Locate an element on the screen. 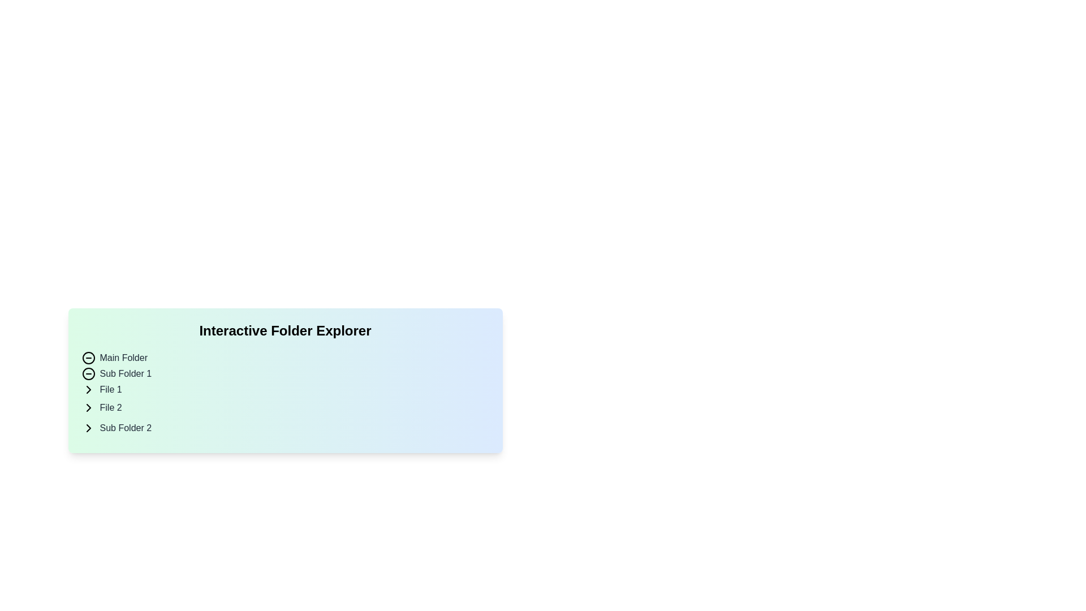  the bold text label reading 'Interactive Folder Explorer' at the top of its section to trigger the tooltip is located at coordinates (285, 331).